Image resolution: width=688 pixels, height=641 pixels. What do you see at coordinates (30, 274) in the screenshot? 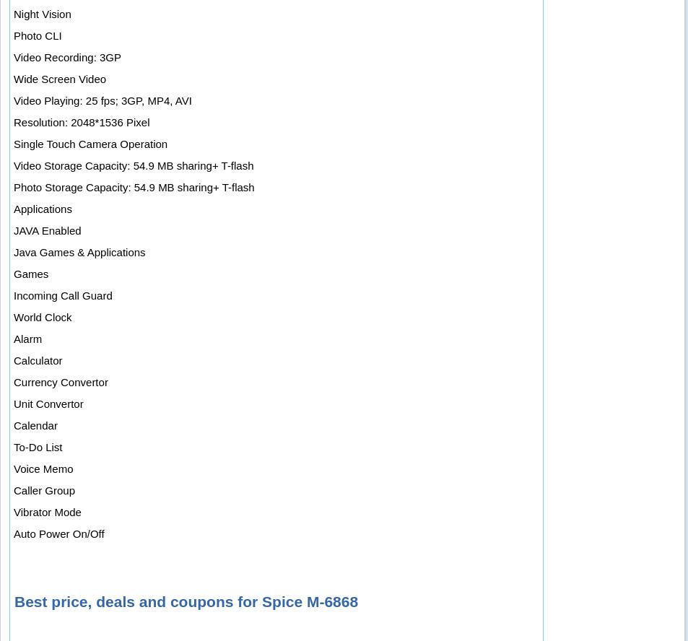
I see `'Games'` at bounding box center [30, 274].